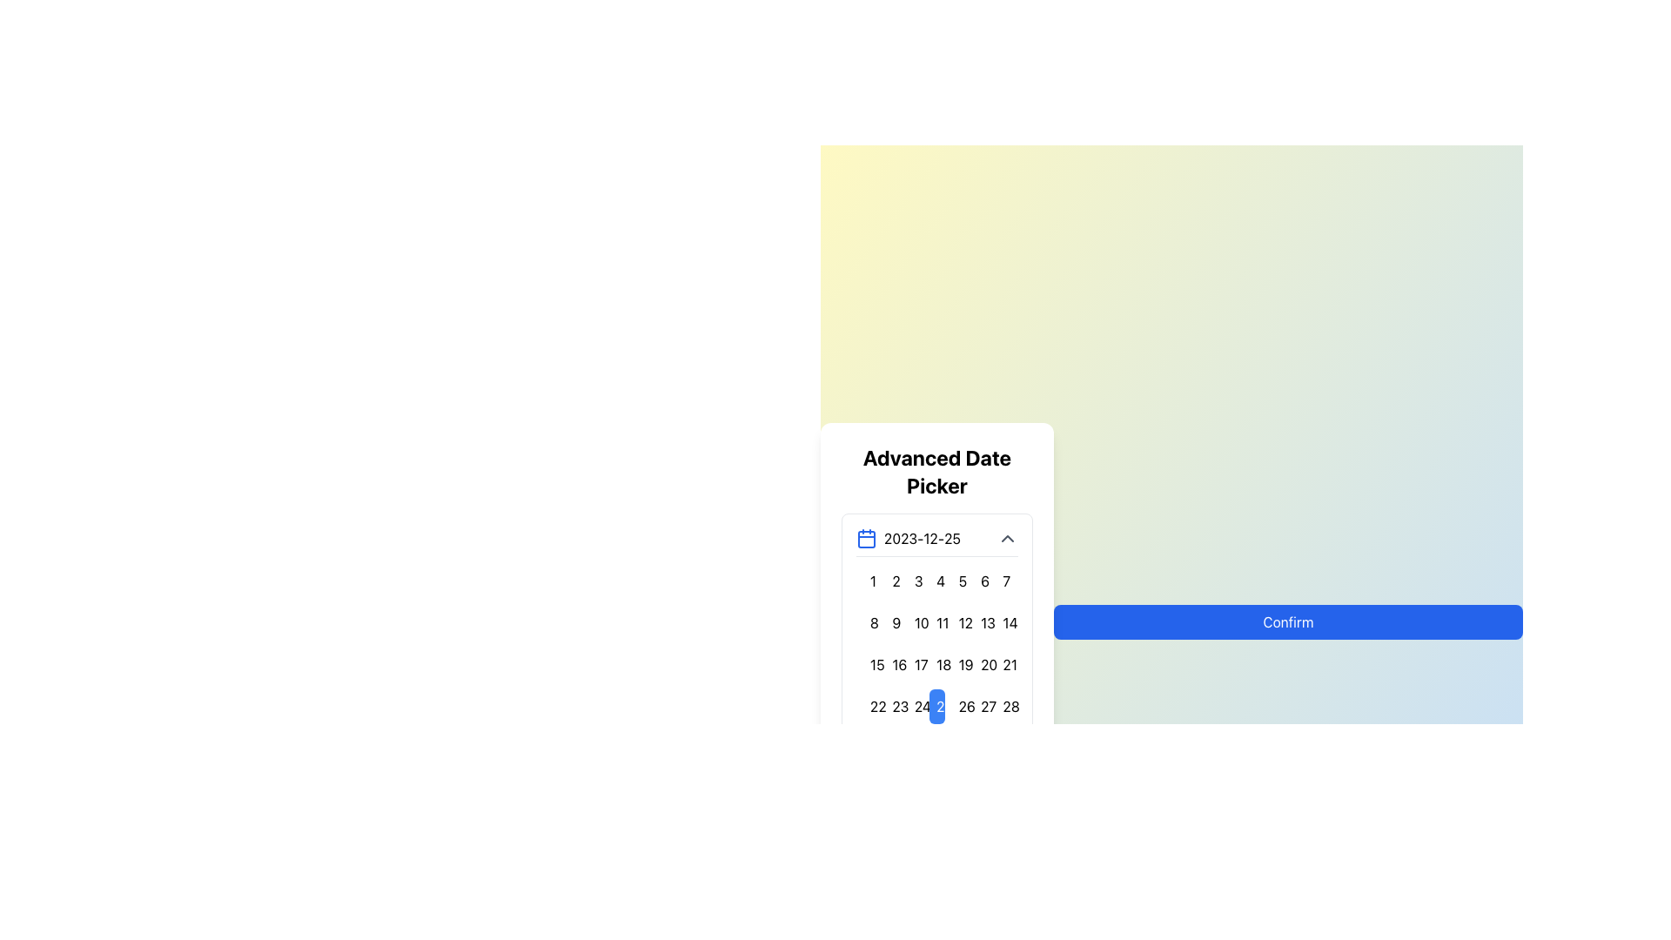  Describe the element at coordinates (936, 650) in the screenshot. I see `the dates in the grid of the Date Picker Widget located within the 'Advanced Date Picker' component` at that location.